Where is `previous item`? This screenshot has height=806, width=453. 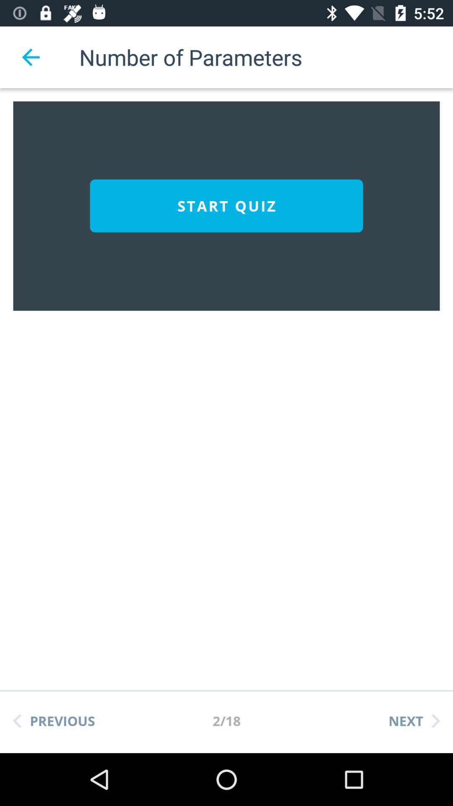 previous item is located at coordinates (54, 720).